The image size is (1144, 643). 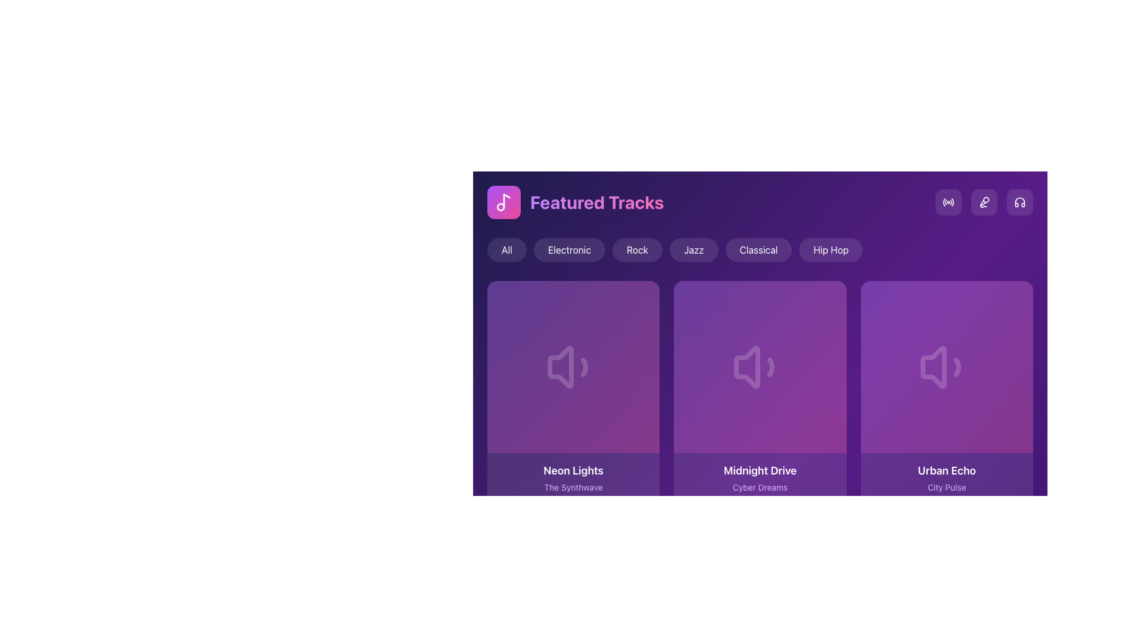 What do you see at coordinates (1019, 201) in the screenshot?
I see `the headphones icon button located at the top-right corner of the interface` at bounding box center [1019, 201].